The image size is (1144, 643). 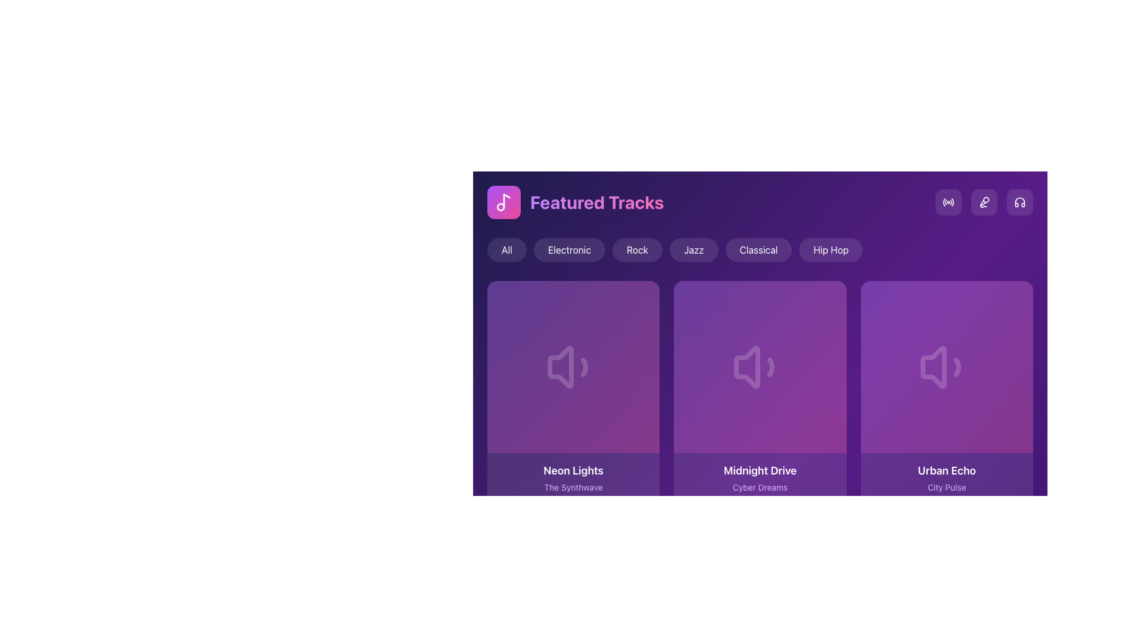 What do you see at coordinates (1019, 201) in the screenshot?
I see `the headphones icon button located at the top-right corner of the interface` at bounding box center [1019, 201].